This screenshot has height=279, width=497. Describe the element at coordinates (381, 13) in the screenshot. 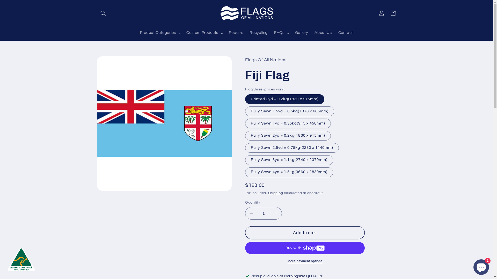

I see `'Log in'` at that location.